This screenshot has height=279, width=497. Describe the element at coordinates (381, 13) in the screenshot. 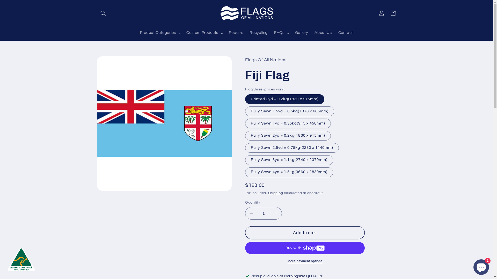

I see `'Log in'` at that location.